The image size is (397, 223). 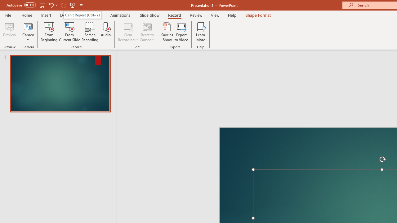 I want to click on 'Clear Recording', so click(x=127, y=32).